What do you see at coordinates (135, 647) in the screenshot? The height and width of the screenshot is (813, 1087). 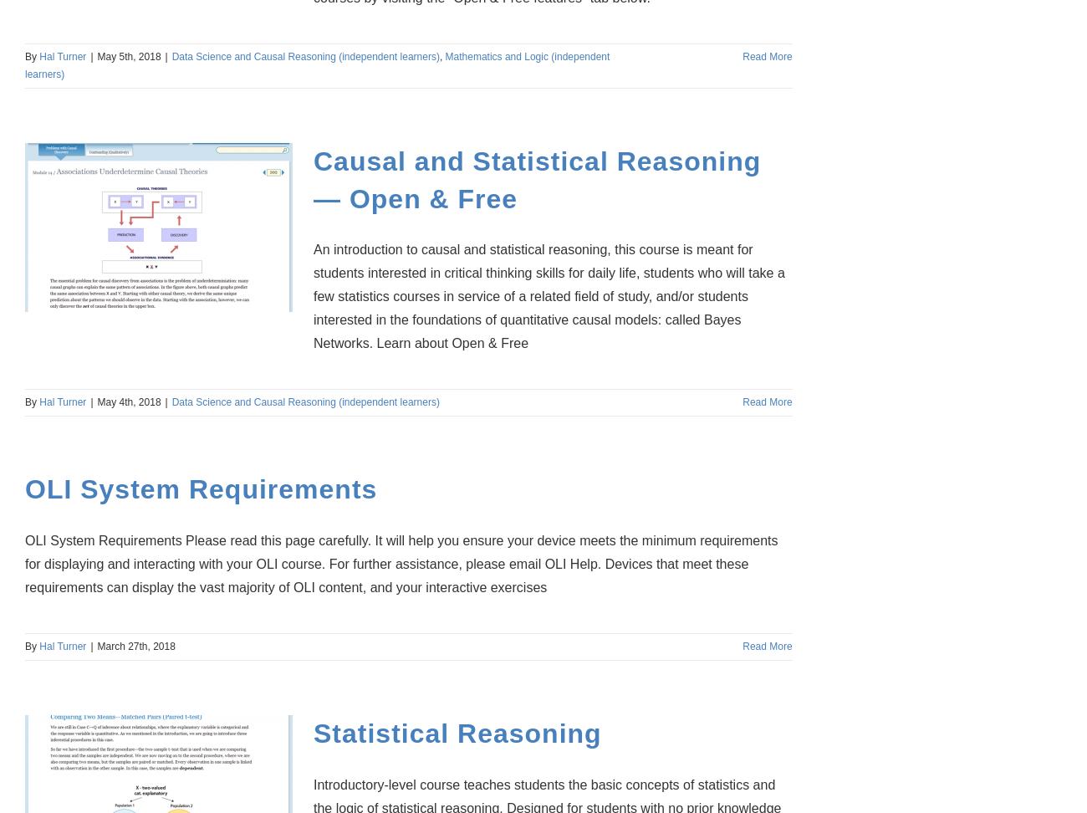 I see `'March 27th, 2018'` at bounding box center [135, 647].